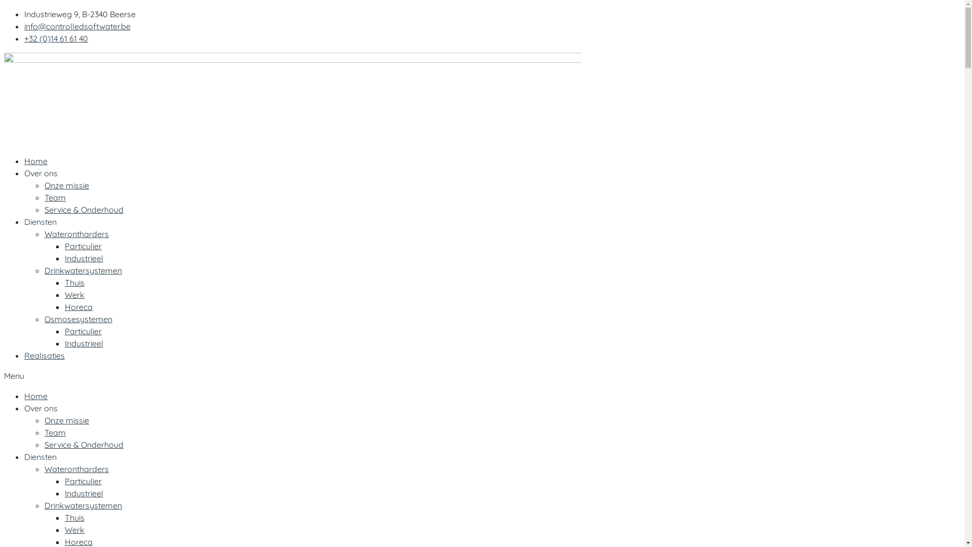 The width and height of the screenshot is (972, 547). What do you see at coordinates (64, 493) in the screenshot?
I see `'Industrieel'` at bounding box center [64, 493].